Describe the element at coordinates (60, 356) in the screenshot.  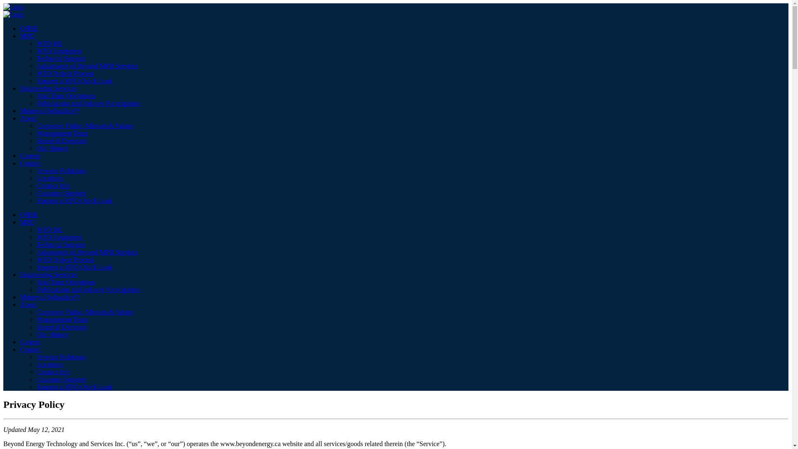
I see `'Investor Relations'` at that location.